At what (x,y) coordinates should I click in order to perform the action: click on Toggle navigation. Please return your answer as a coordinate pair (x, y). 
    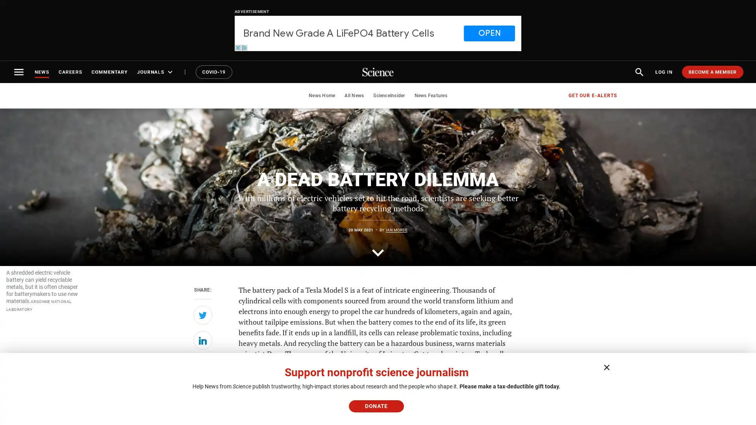
    Looking at the image, I should click on (19, 72).